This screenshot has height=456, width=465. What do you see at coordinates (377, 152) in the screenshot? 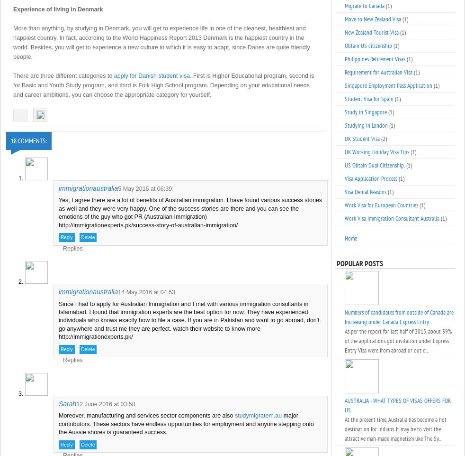
I see `'UK Working Holiday Visa Tips'` at bounding box center [377, 152].